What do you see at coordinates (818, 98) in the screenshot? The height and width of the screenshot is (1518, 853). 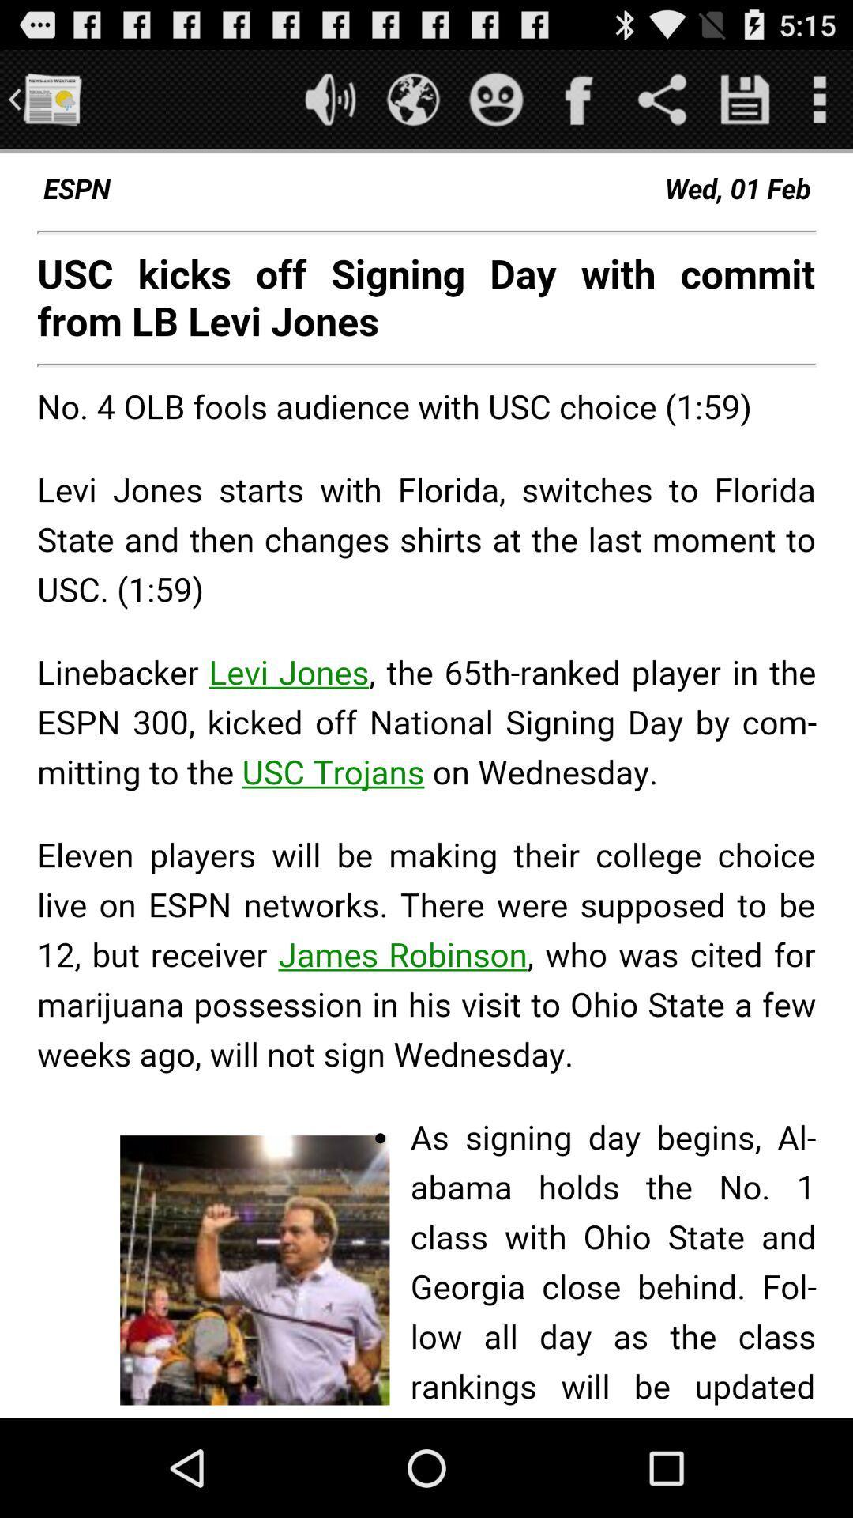 I see `open menu` at bounding box center [818, 98].